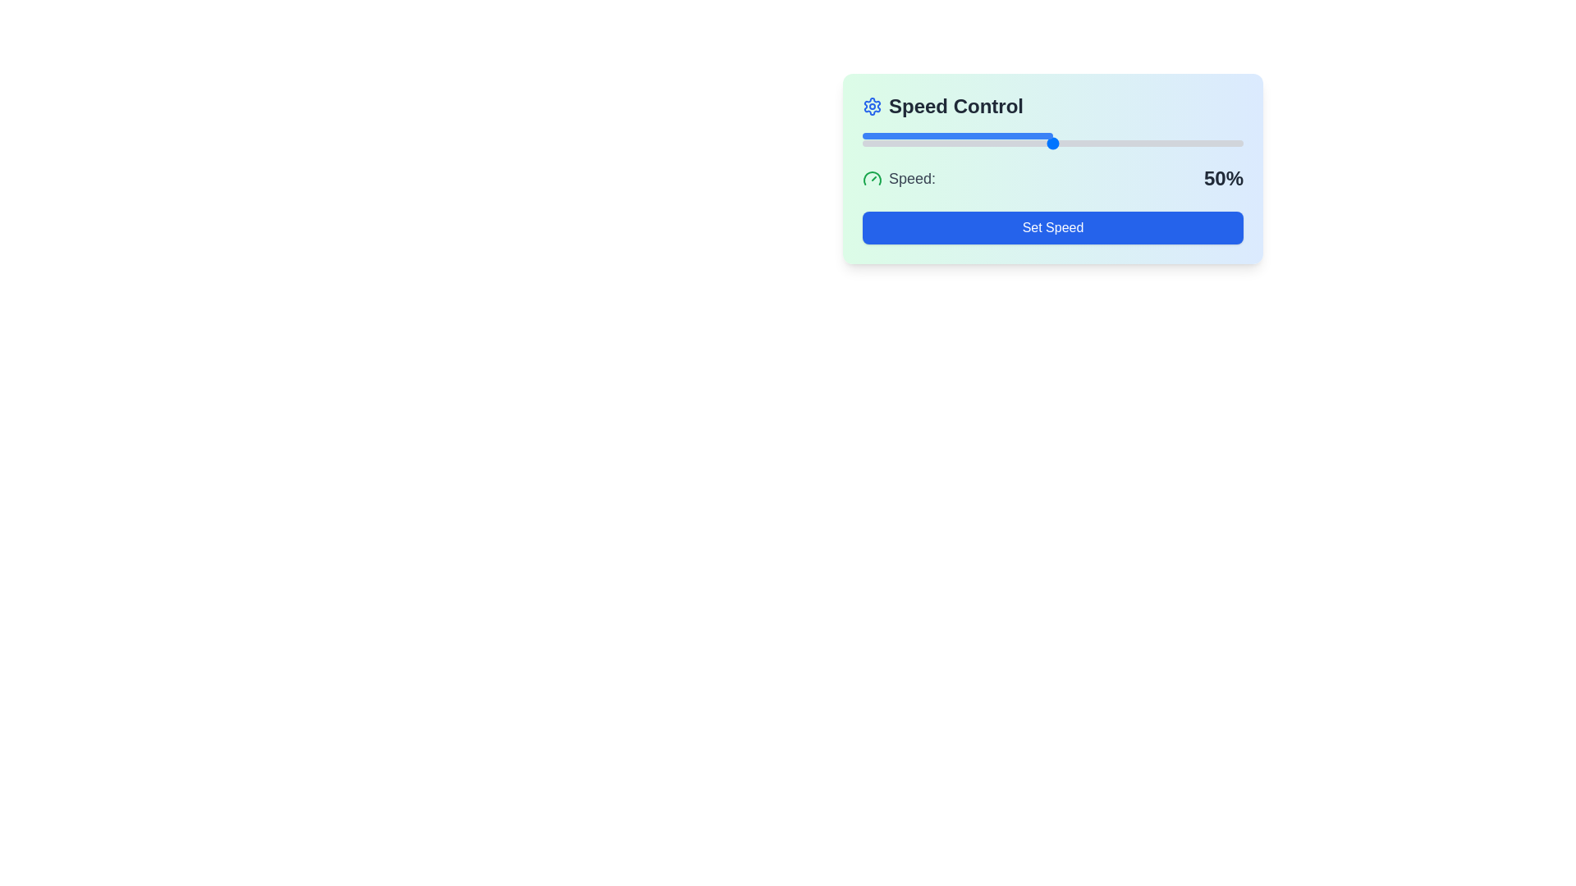 This screenshot has height=886, width=1576. Describe the element at coordinates (1044, 142) in the screenshot. I see `the slider` at that location.